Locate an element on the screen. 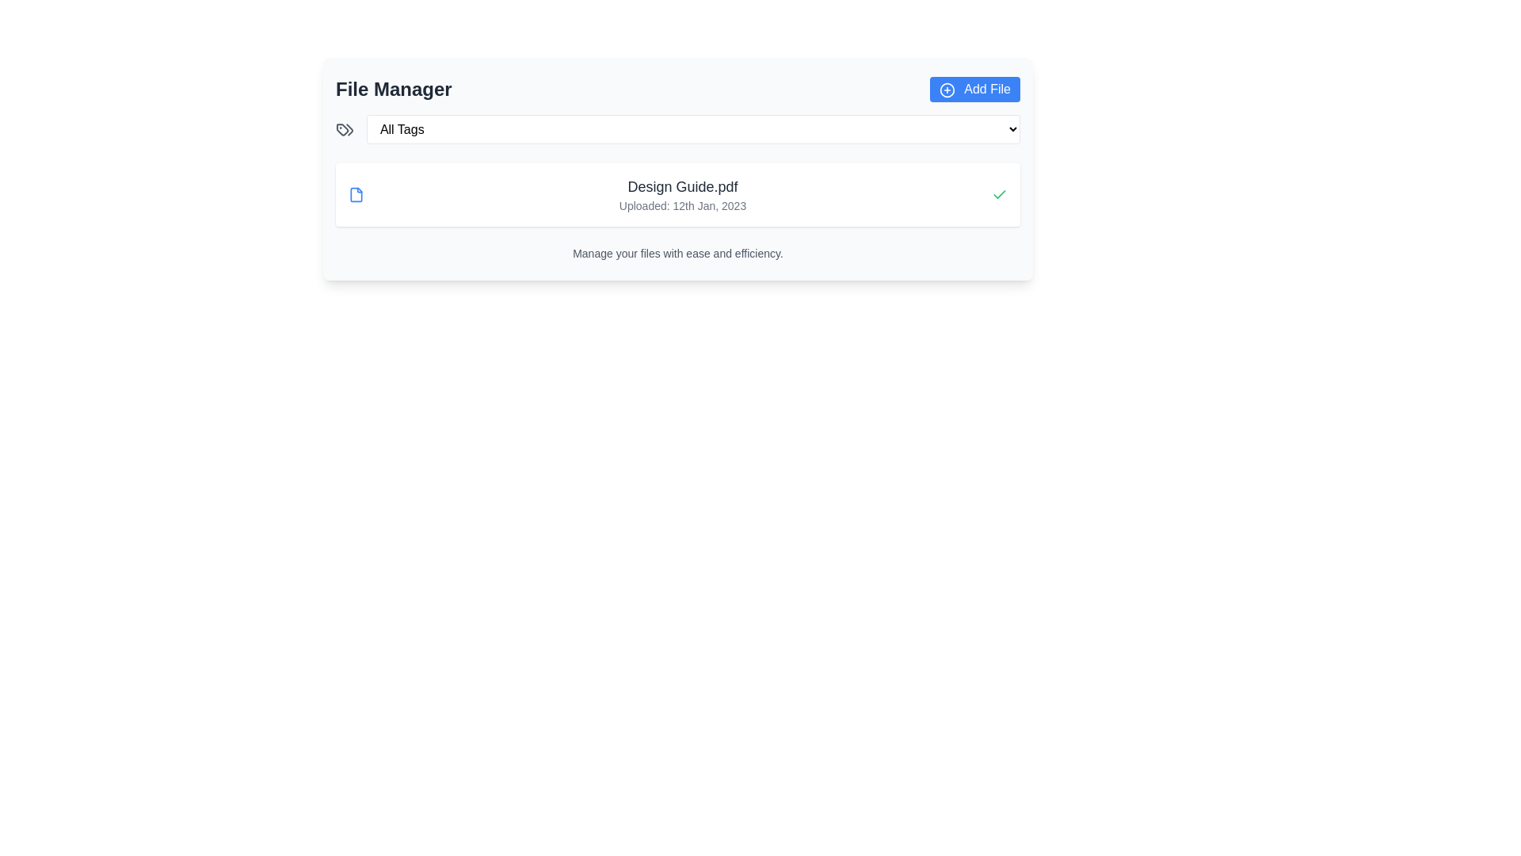 Image resolution: width=1521 pixels, height=856 pixels. the green checkmark icon located at the far right end of the file description row labeled 'Design Guide.pdf Uploaded: 12th Jan, 2023' is located at coordinates (999, 194).